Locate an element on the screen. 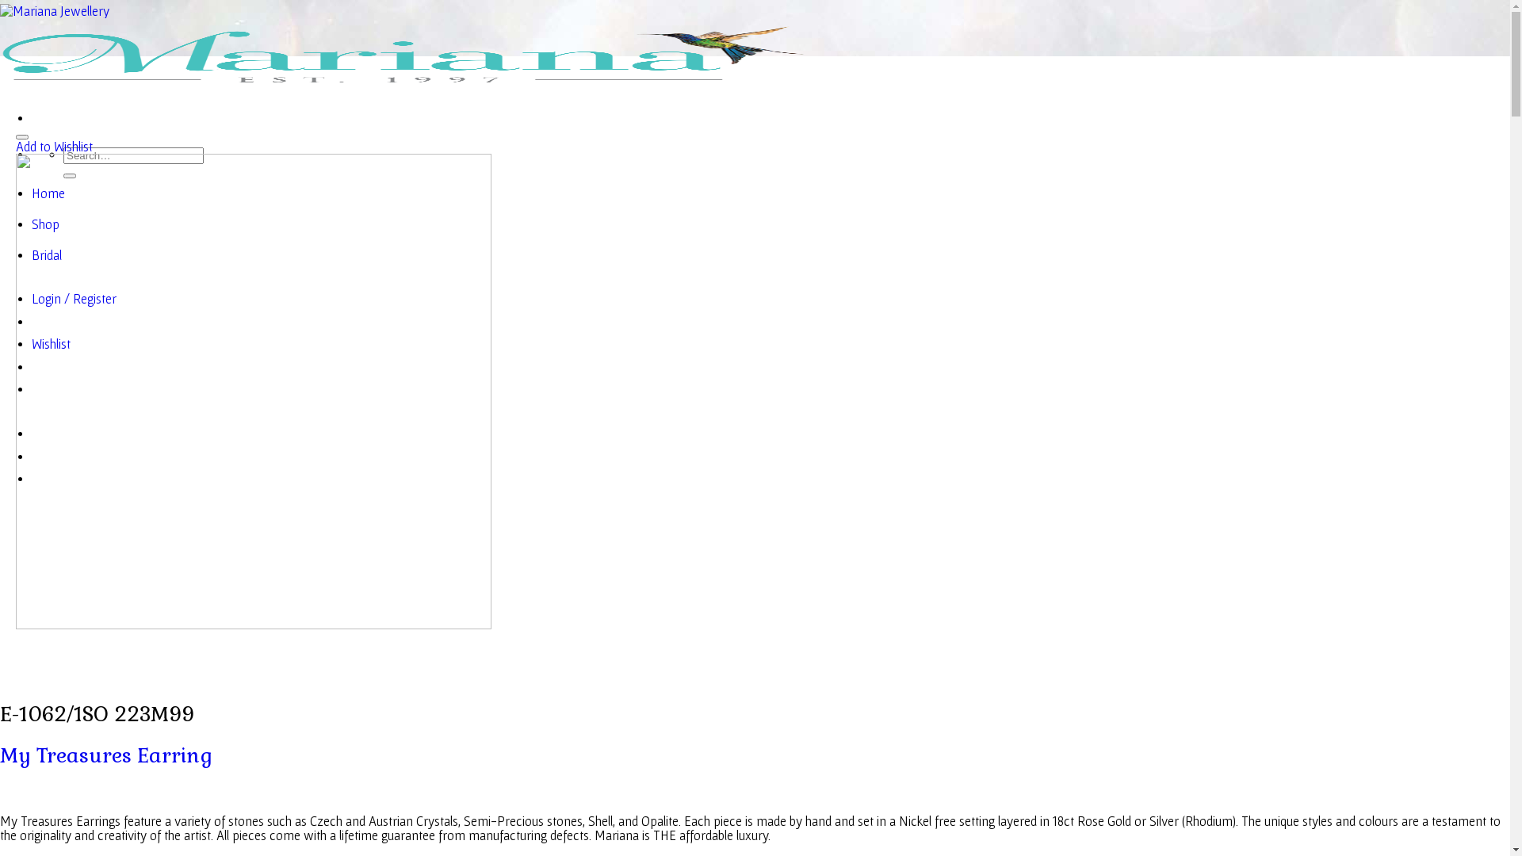  'Search' is located at coordinates (68, 176).